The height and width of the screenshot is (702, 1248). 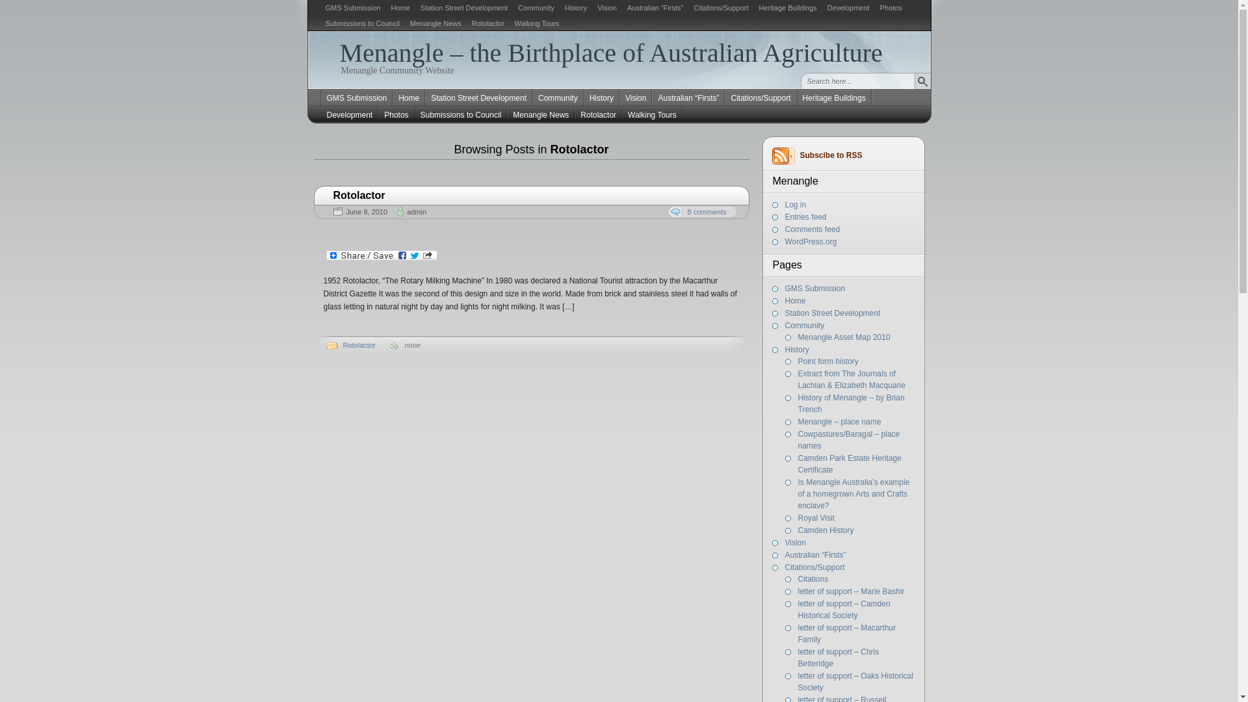 What do you see at coordinates (850, 463) in the screenshot?
I see `'Camden Park Estate Heritage Certificate'` at bounding box center [850, 463].